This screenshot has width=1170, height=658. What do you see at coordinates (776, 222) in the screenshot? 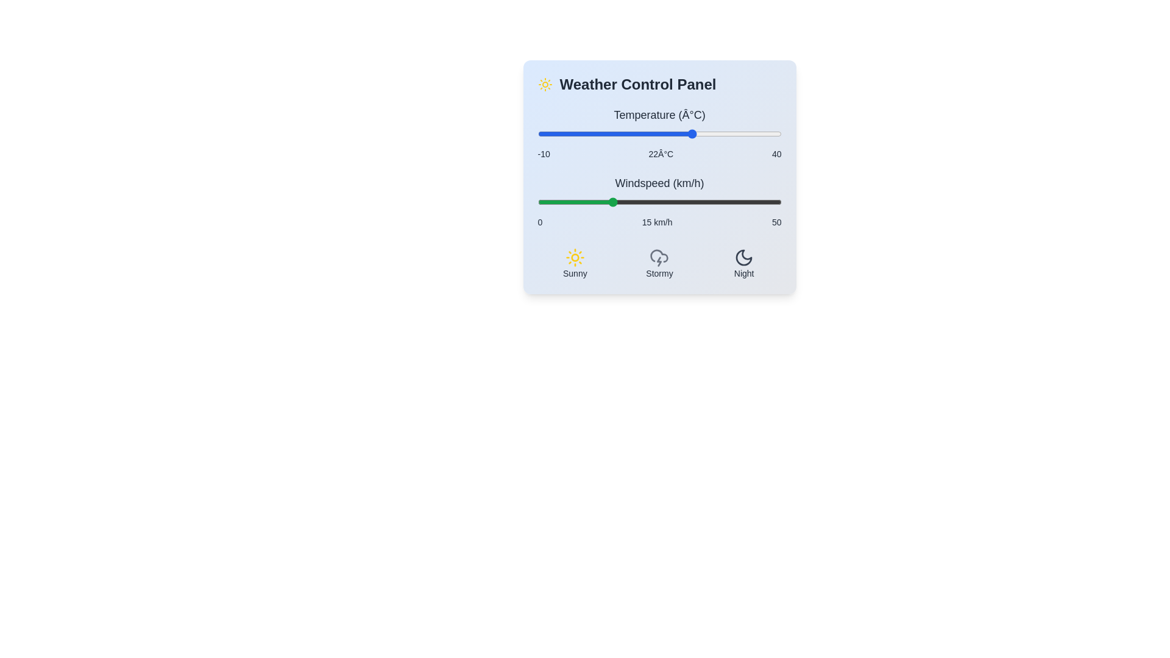
I see `the text element displaying the windspeed value, which is positioned to the far right and aligned with '0' and '15 km/h' in the 'Windspeed (km/h)' section` at bounding box center [776, 222].